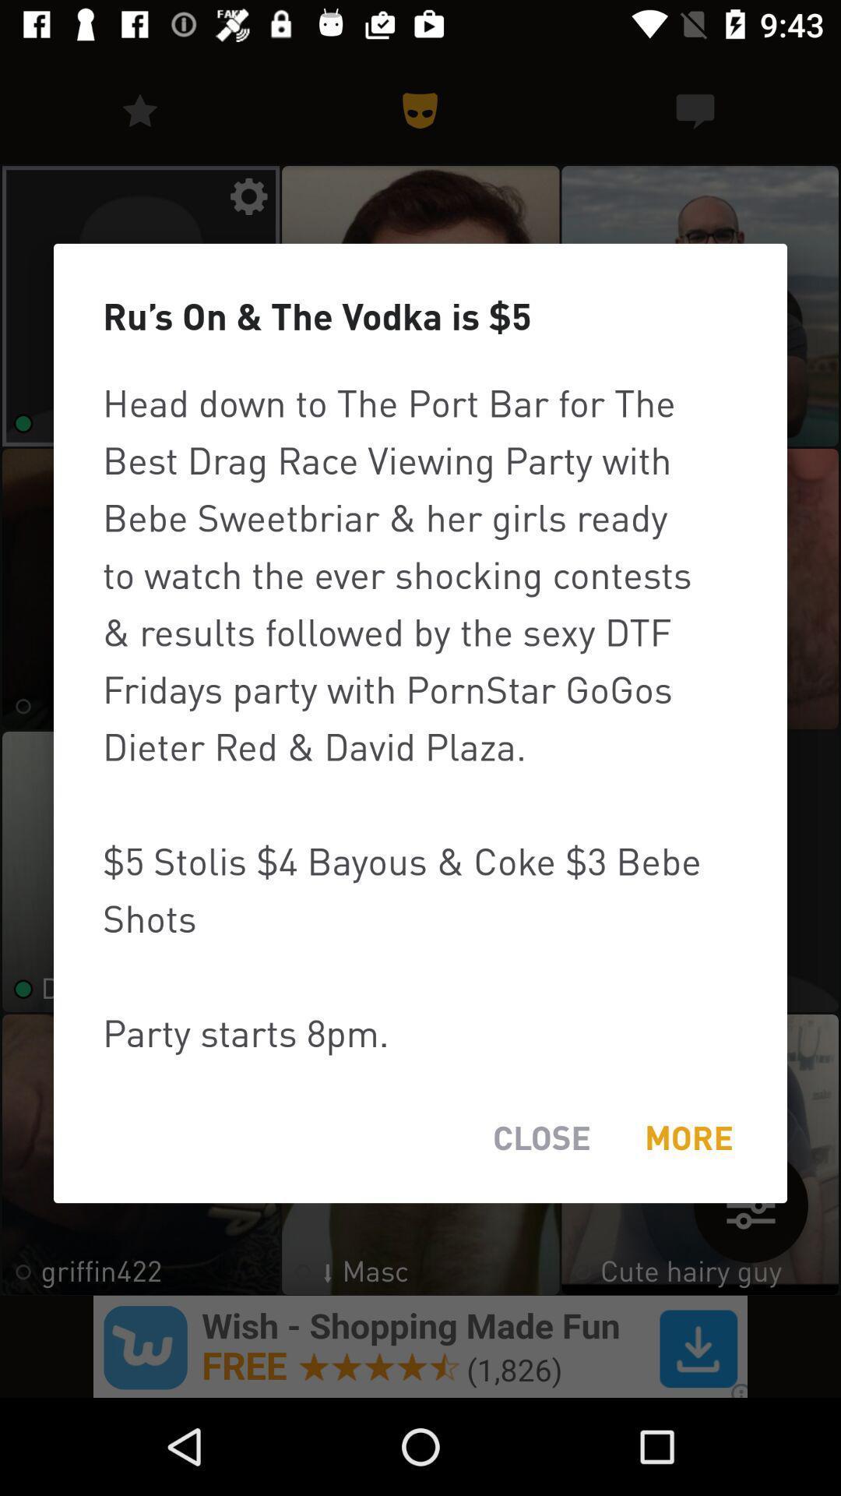 The height and width of the screenshot is (1496, 841). I want to click on the item to the left of the more, so click(540, 1138).